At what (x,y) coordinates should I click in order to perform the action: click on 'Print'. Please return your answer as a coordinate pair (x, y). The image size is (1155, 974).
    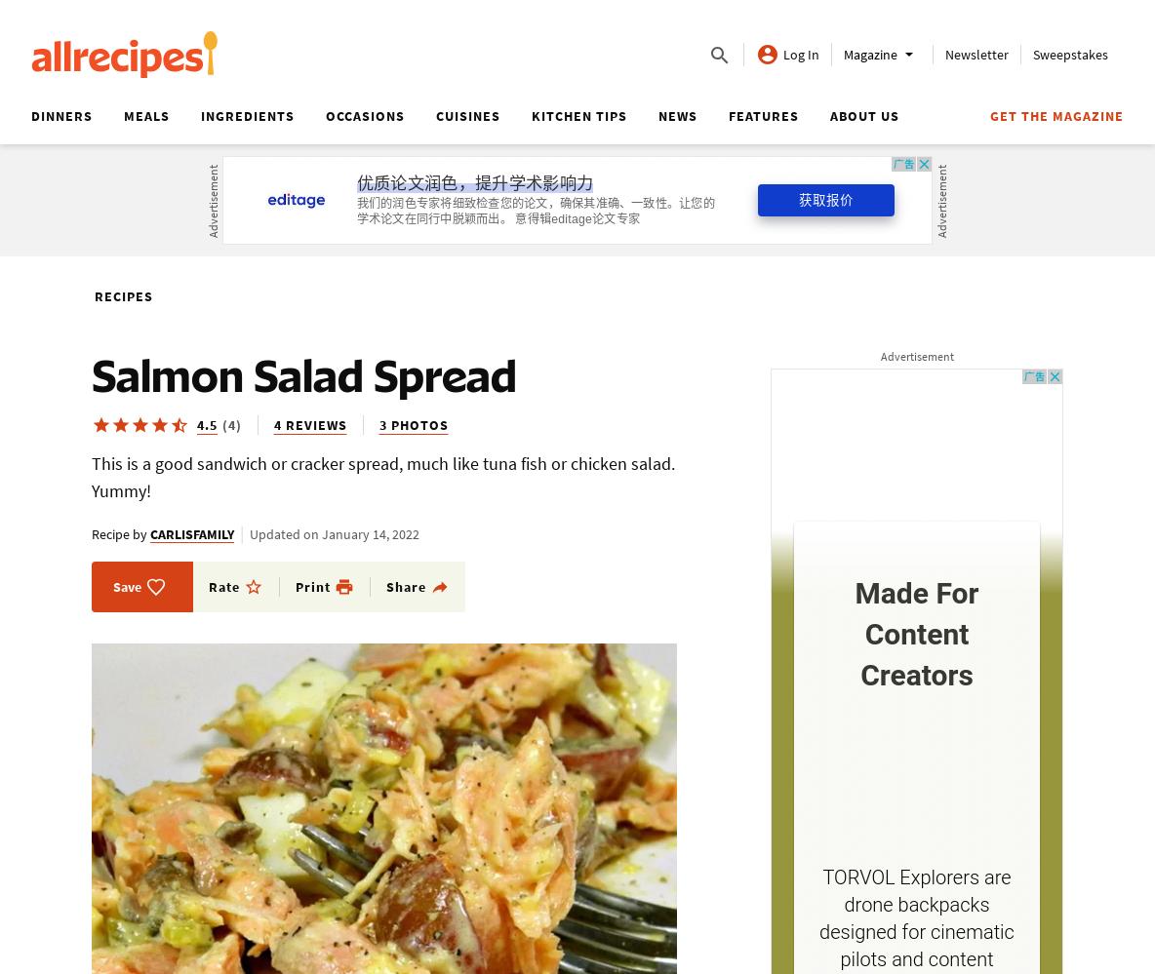
    Looking at the image, I should click on (311, 586).